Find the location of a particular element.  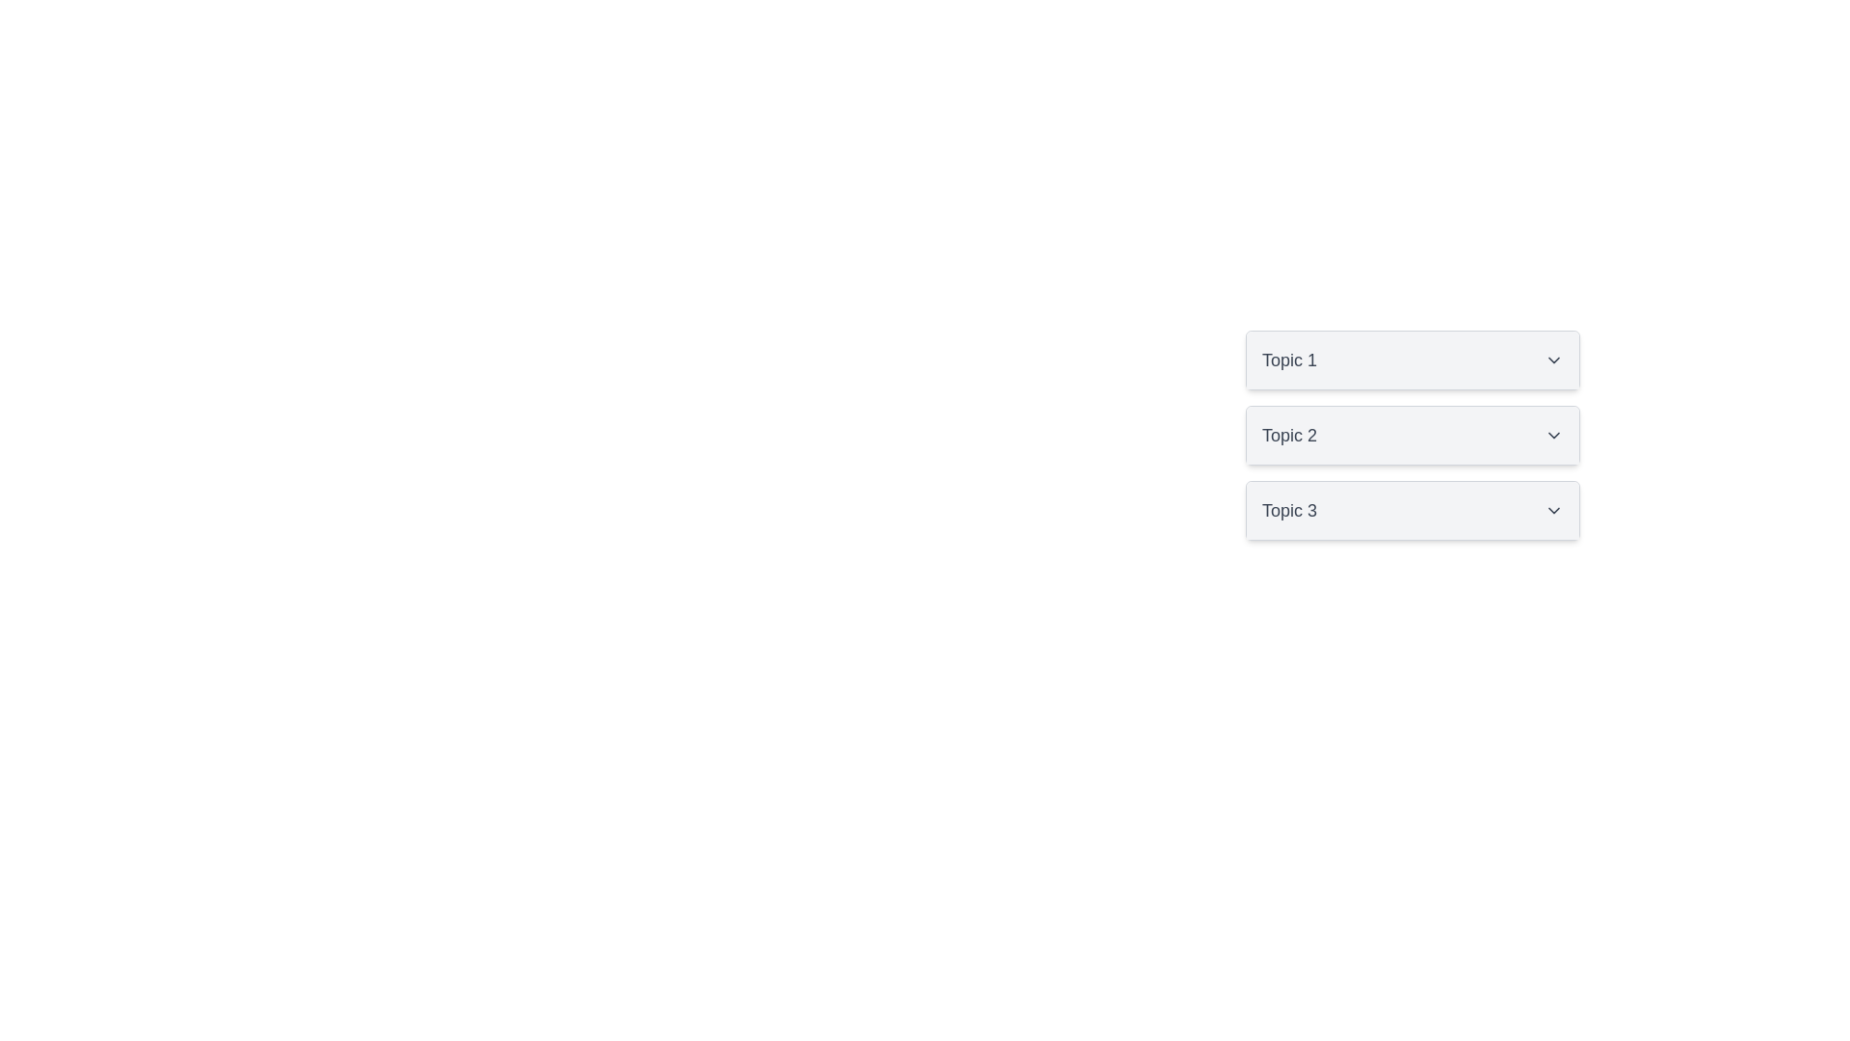

the 'Topic 3' collapsible button is located at coordinates (1413, 509).